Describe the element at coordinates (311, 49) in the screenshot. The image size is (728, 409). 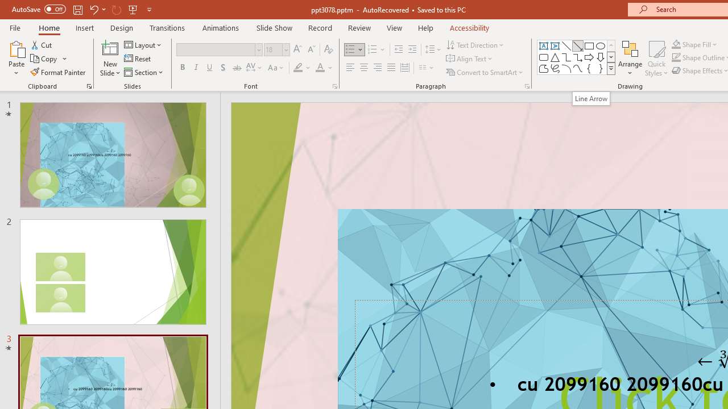
I see `'Decrease Font Size'` at that location.